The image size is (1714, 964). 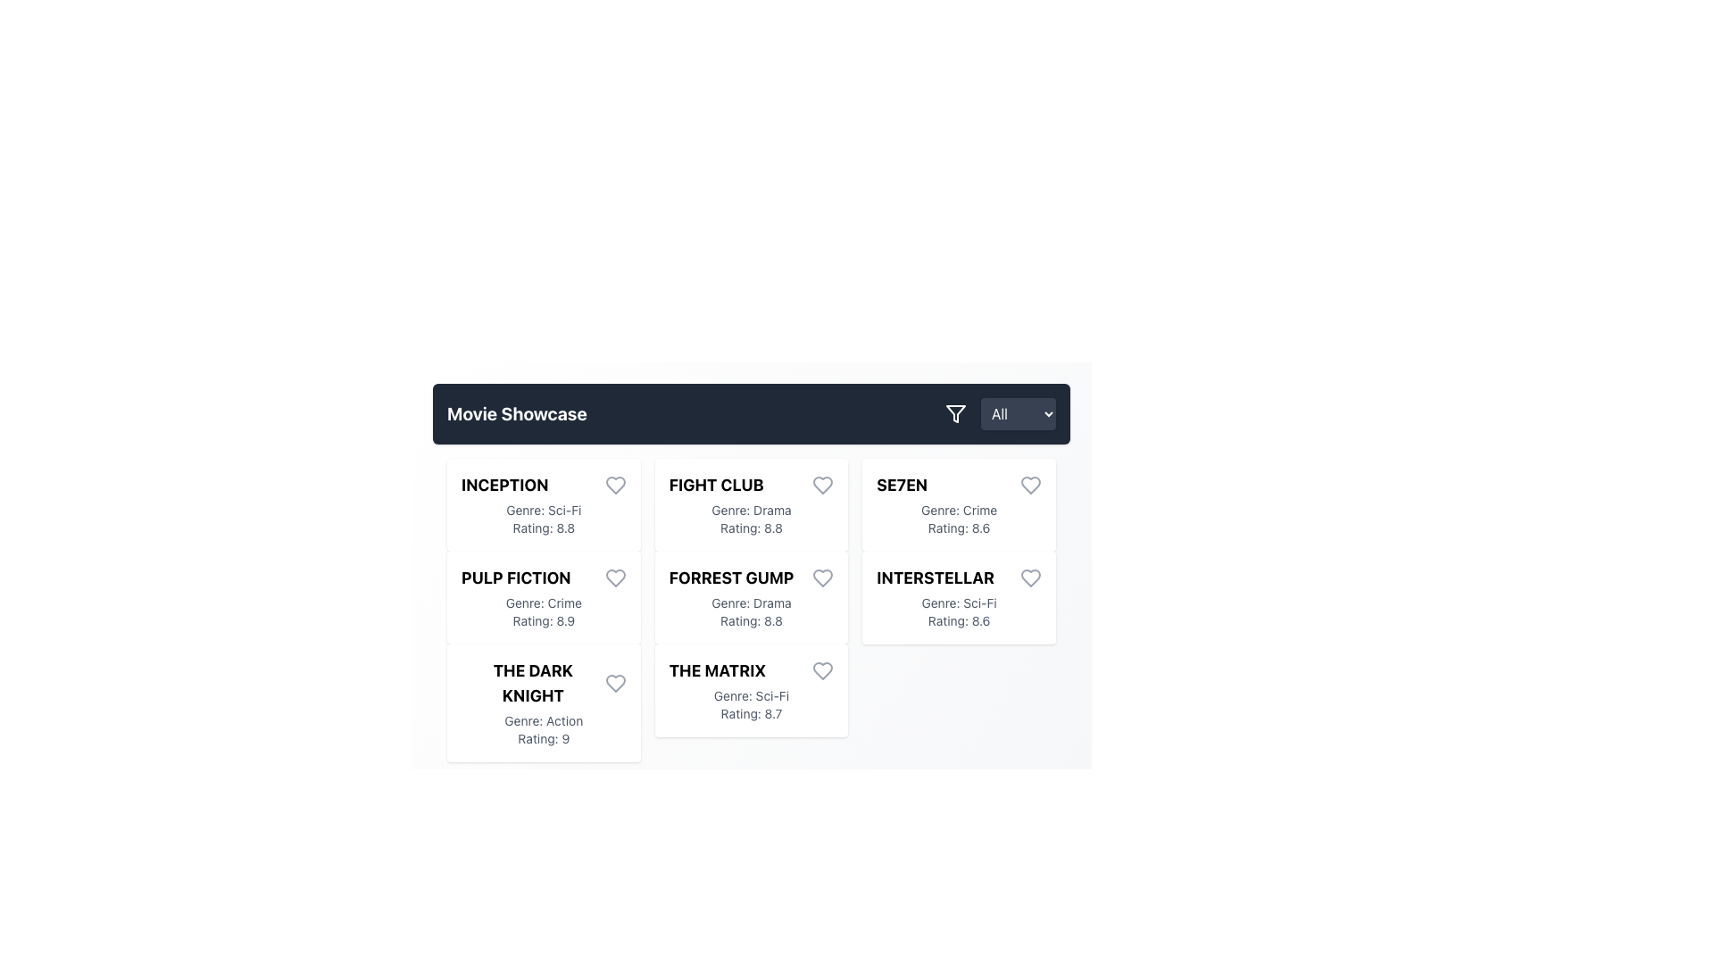 What do you see at coordinates (772, 510) in the screenshot?
I see `the text label displaying 'Drama' which indicates the genre of the movie 'Fight Club'` at bounding box center [772, 510].